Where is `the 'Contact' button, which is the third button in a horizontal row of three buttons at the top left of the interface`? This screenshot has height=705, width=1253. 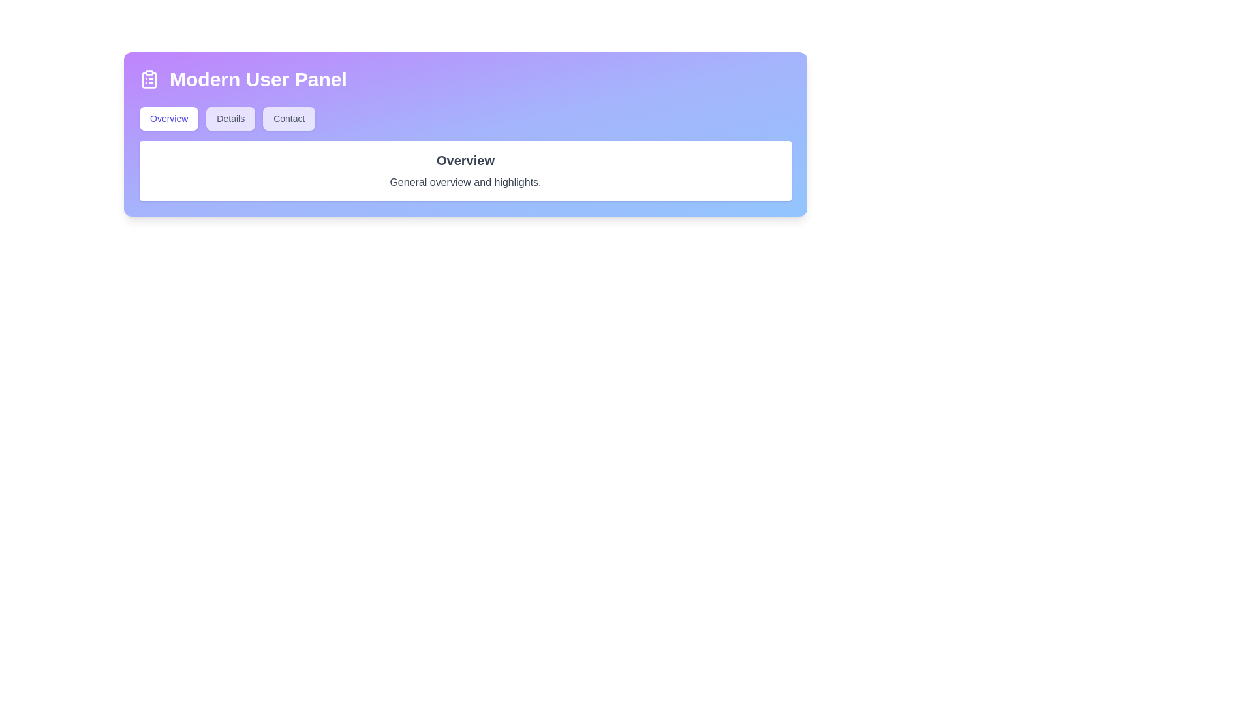 the 'Contact' button, which is the third button in a horizontal row of three buttons at the top left of the interface is located at coordinates (288, 118).